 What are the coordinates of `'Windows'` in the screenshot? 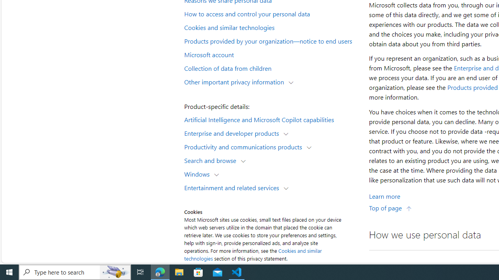 It's located at (199, 173).